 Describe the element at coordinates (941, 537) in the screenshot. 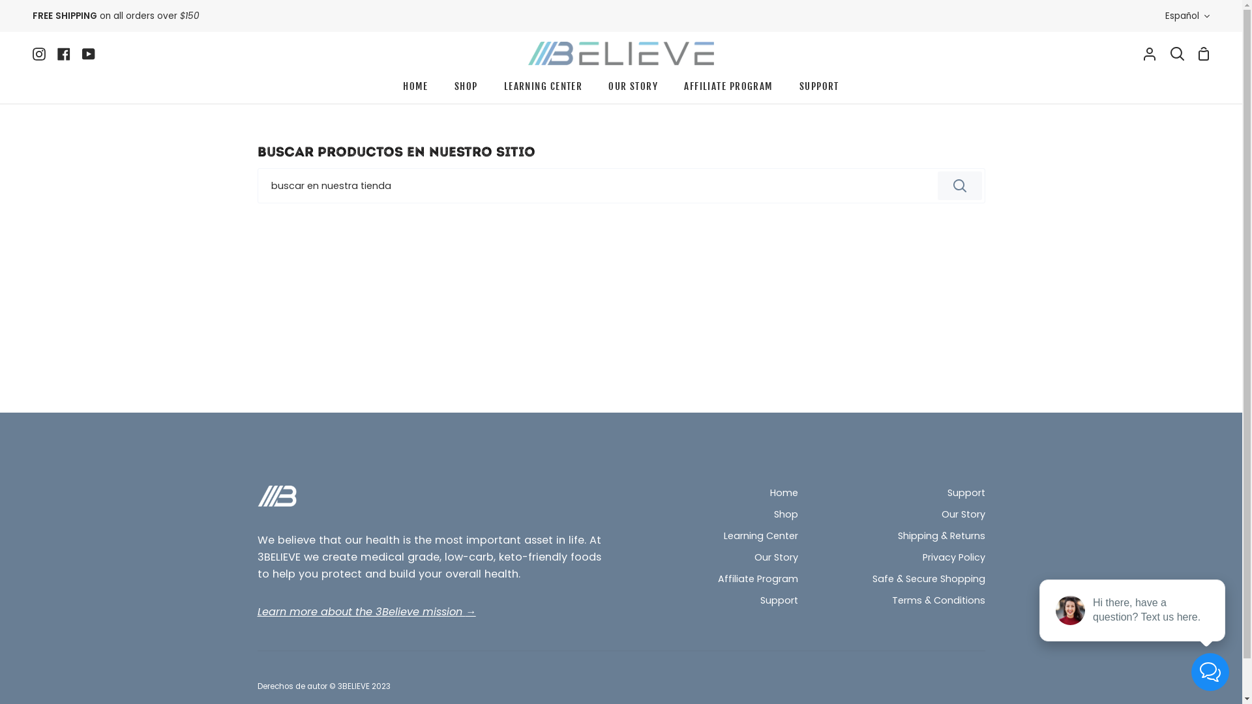

I see `'Shipping & Returns'` at that location.